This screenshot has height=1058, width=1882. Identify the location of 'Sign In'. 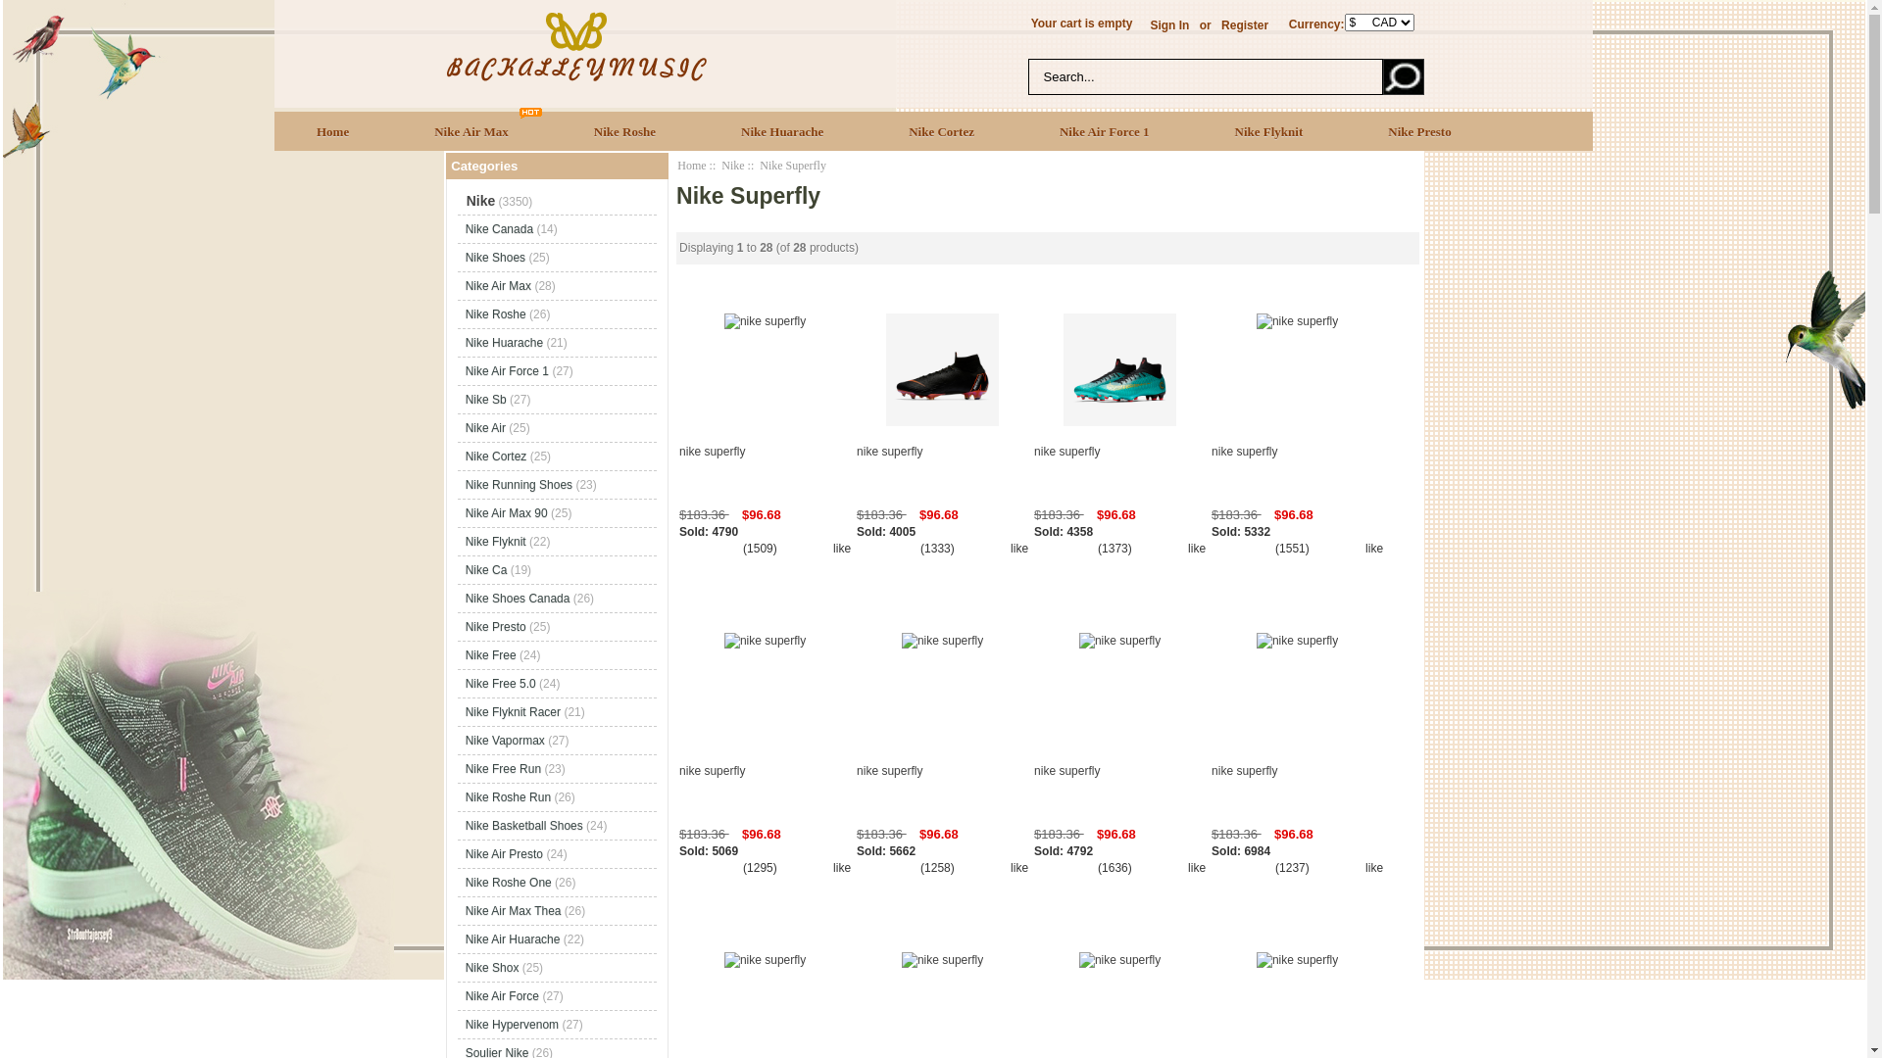
(1169, 25).